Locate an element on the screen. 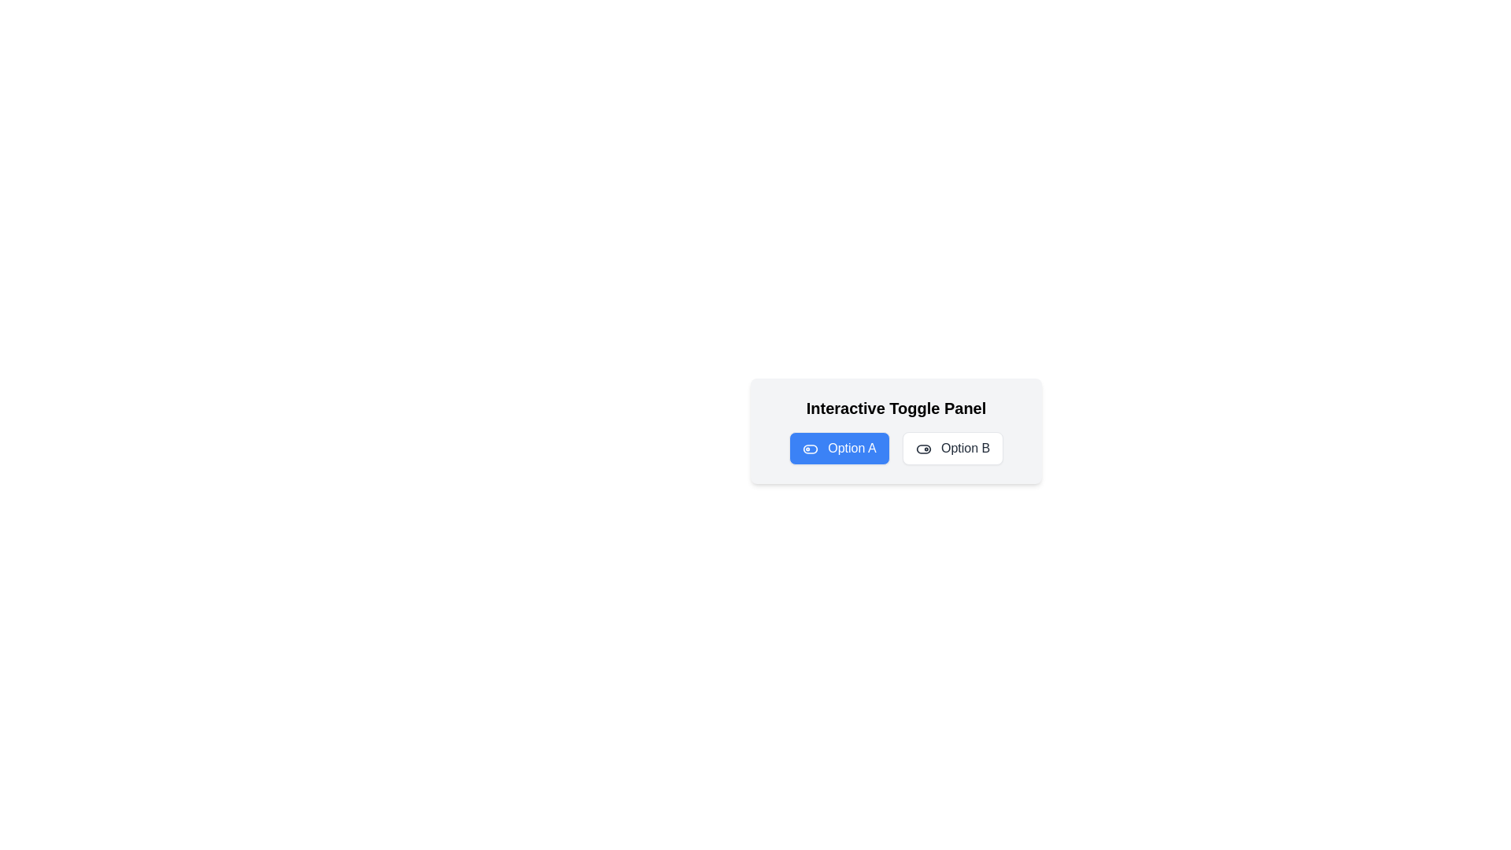 This screenshot has width=1511, height=850. the toggle icon inside the blue button labeled 'Option A' is located at coordinates (810, 449).